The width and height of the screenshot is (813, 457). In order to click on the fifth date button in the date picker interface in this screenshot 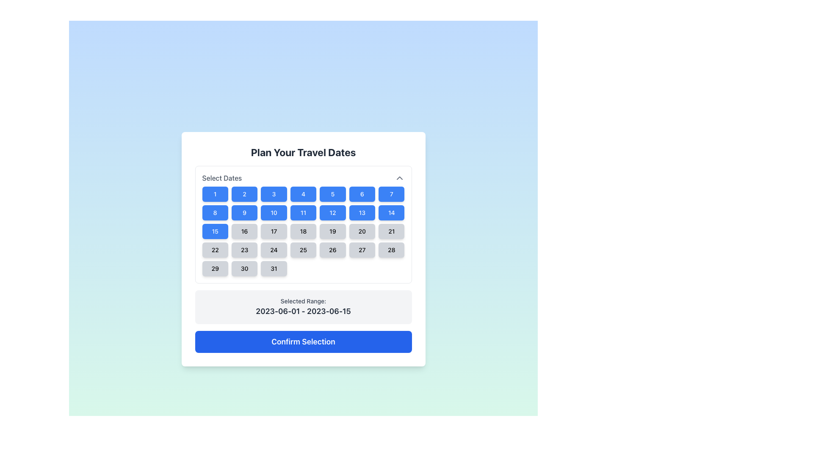, I will do `click(332, 194)`.